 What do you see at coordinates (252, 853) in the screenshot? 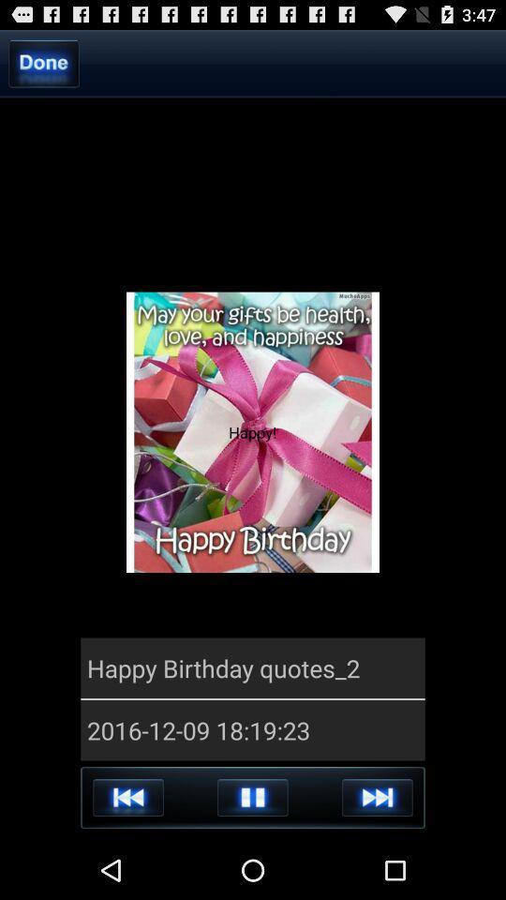
I see `the pause icon` at bounding box center [252, 853].